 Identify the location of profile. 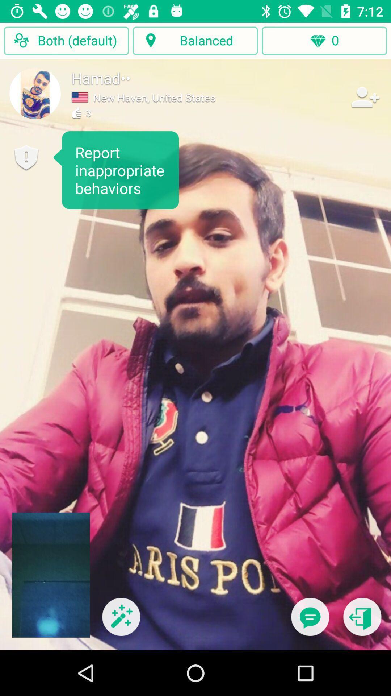
(35, 93).